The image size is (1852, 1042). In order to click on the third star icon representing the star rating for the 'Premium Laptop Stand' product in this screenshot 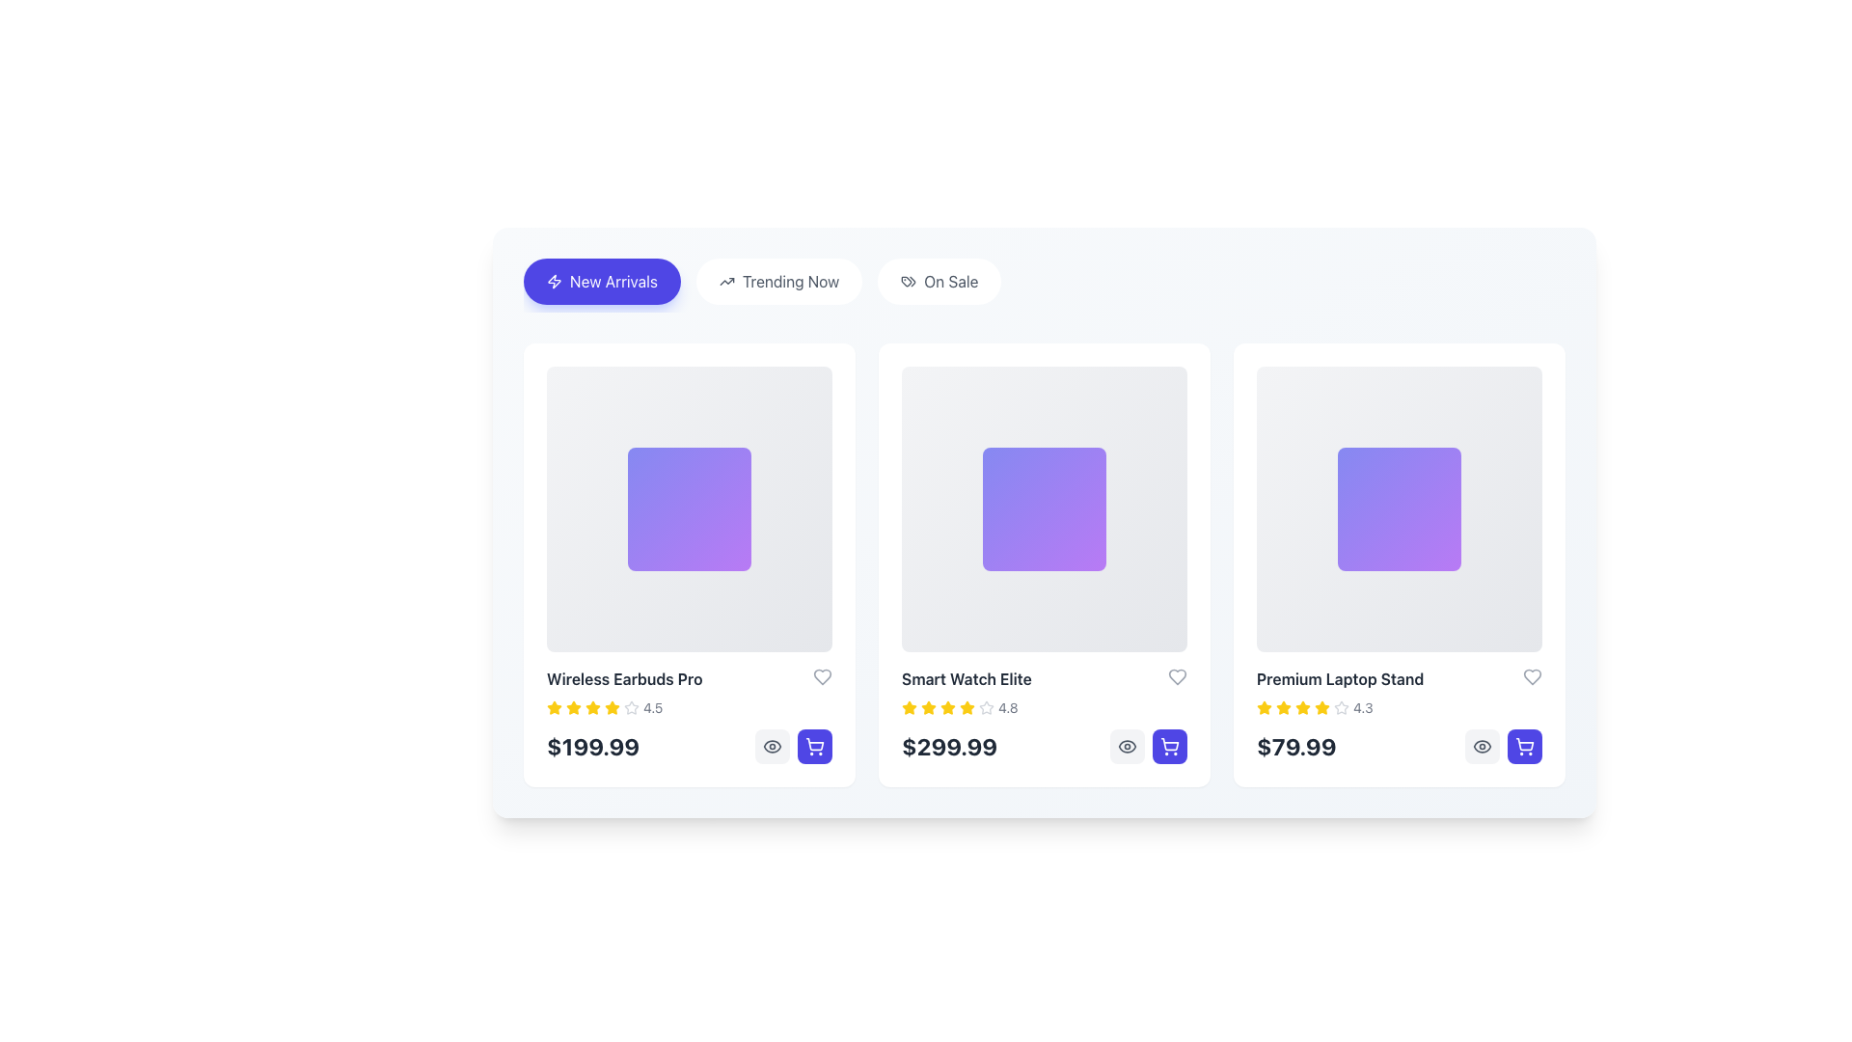, I will do `click(1302, 707)`.